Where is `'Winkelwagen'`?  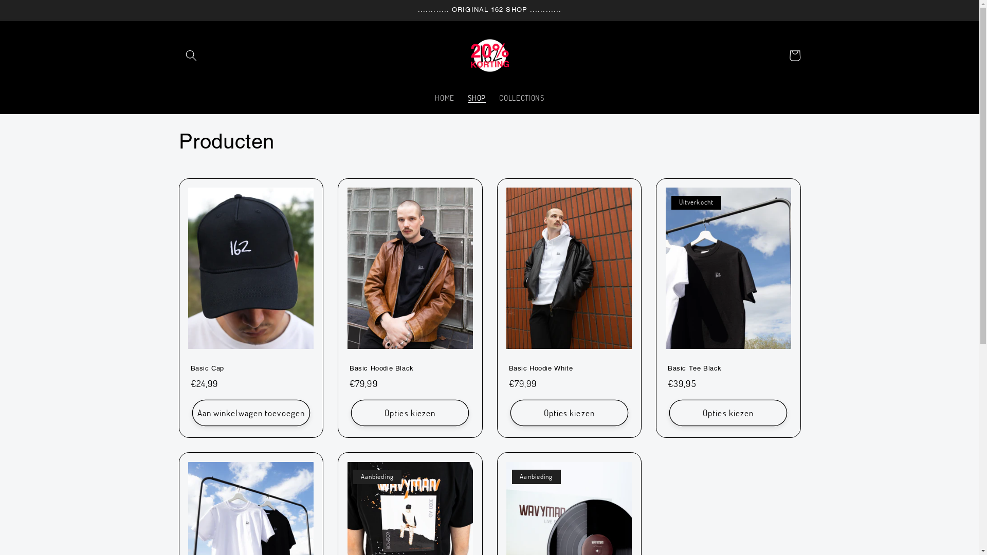 'Winkelwagen' is located at coordinates (794, 55).